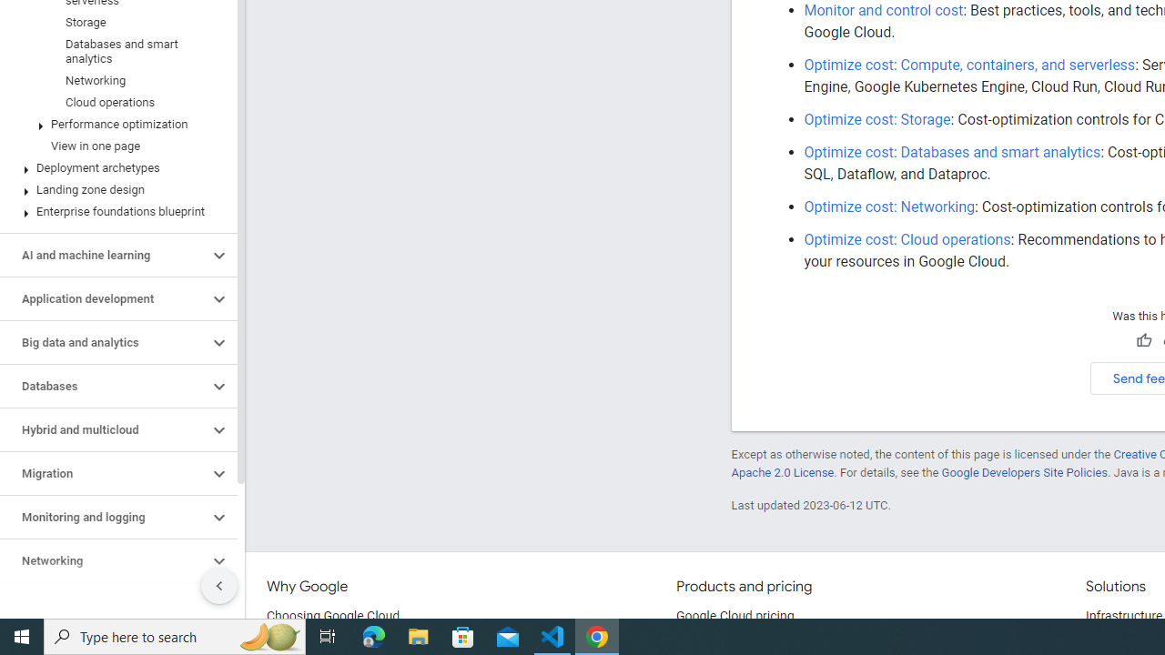 This screenshot has width=1165, height=655. What do you see at coordinates (114, 210) in the screenshot?
I see `'Enterprise foundations blueprint'` at bounding box center [114, 210].